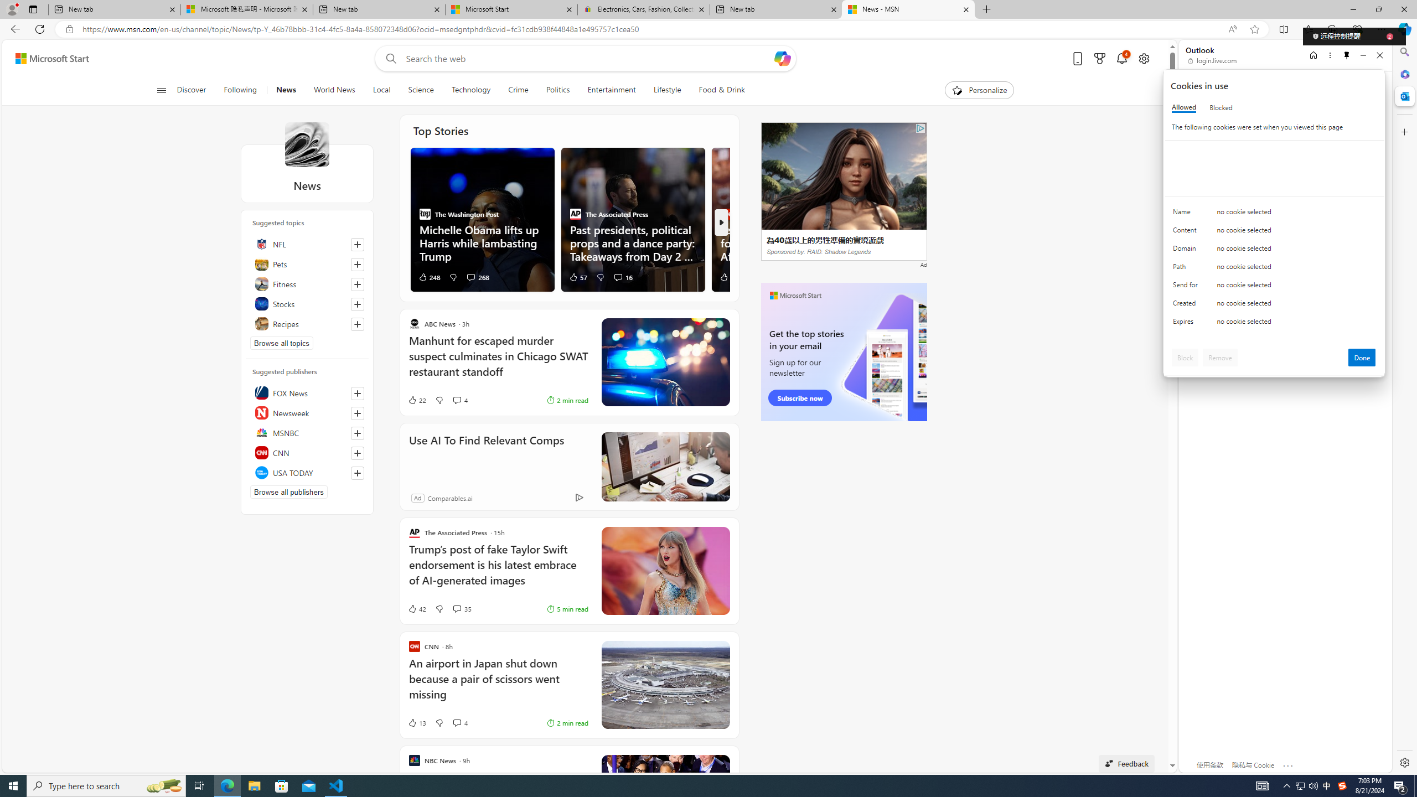 This screenshot has height=797, width=1417. Describe the element at coordinates (611, 90) in the screenshot. I see `'Entertainment'` at that location.